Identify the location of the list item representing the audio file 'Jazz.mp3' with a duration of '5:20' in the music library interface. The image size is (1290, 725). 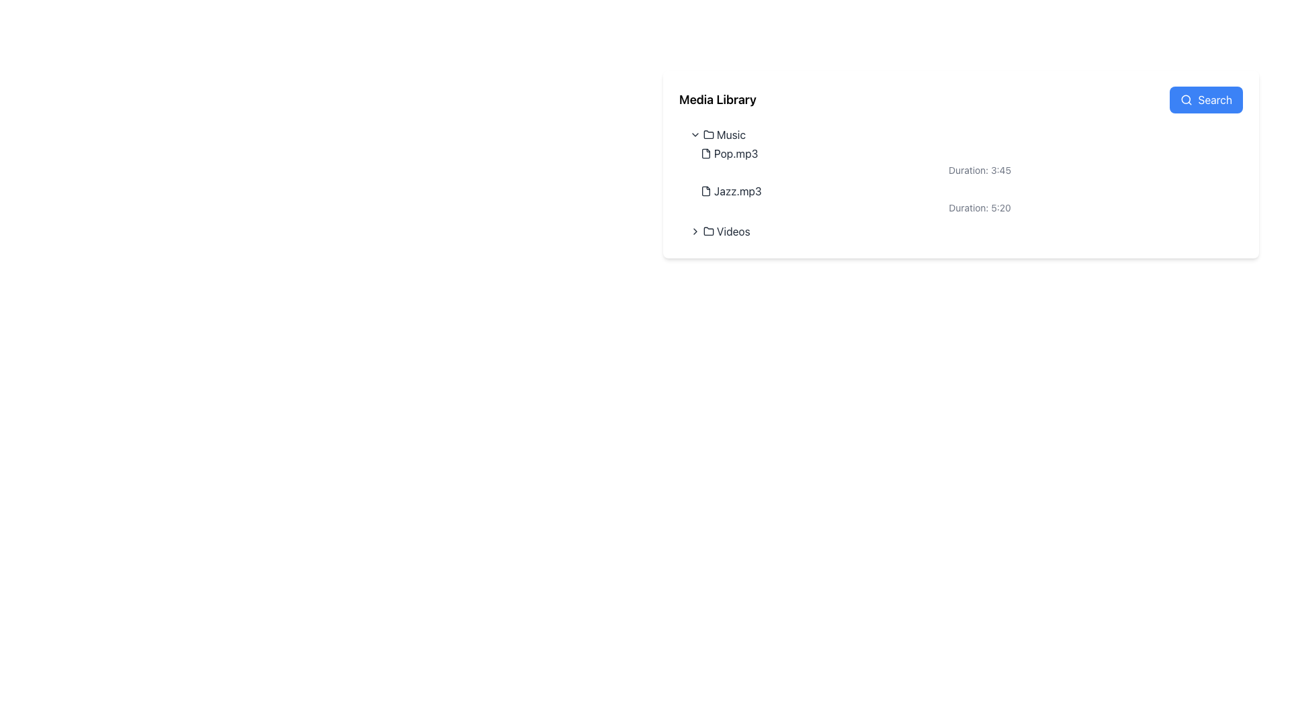
(965, 199).